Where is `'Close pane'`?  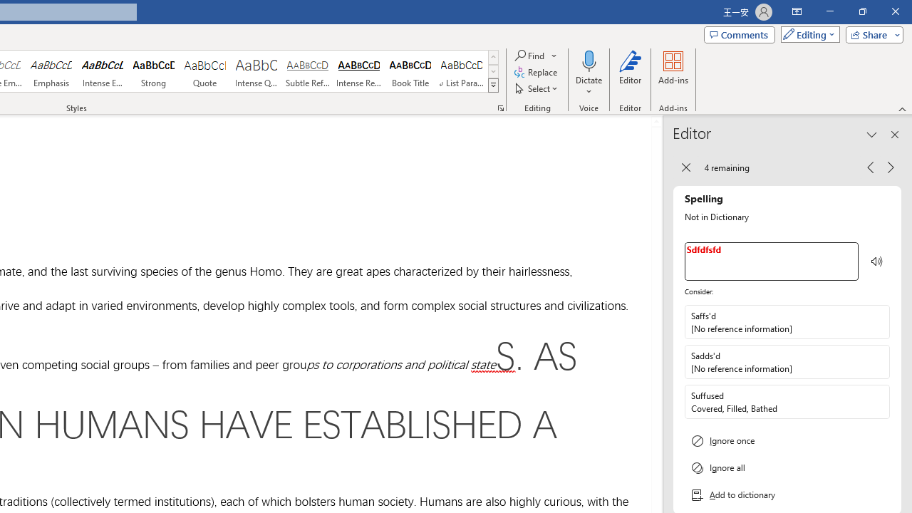 'Close pane' is located at coordinates (894, 135).